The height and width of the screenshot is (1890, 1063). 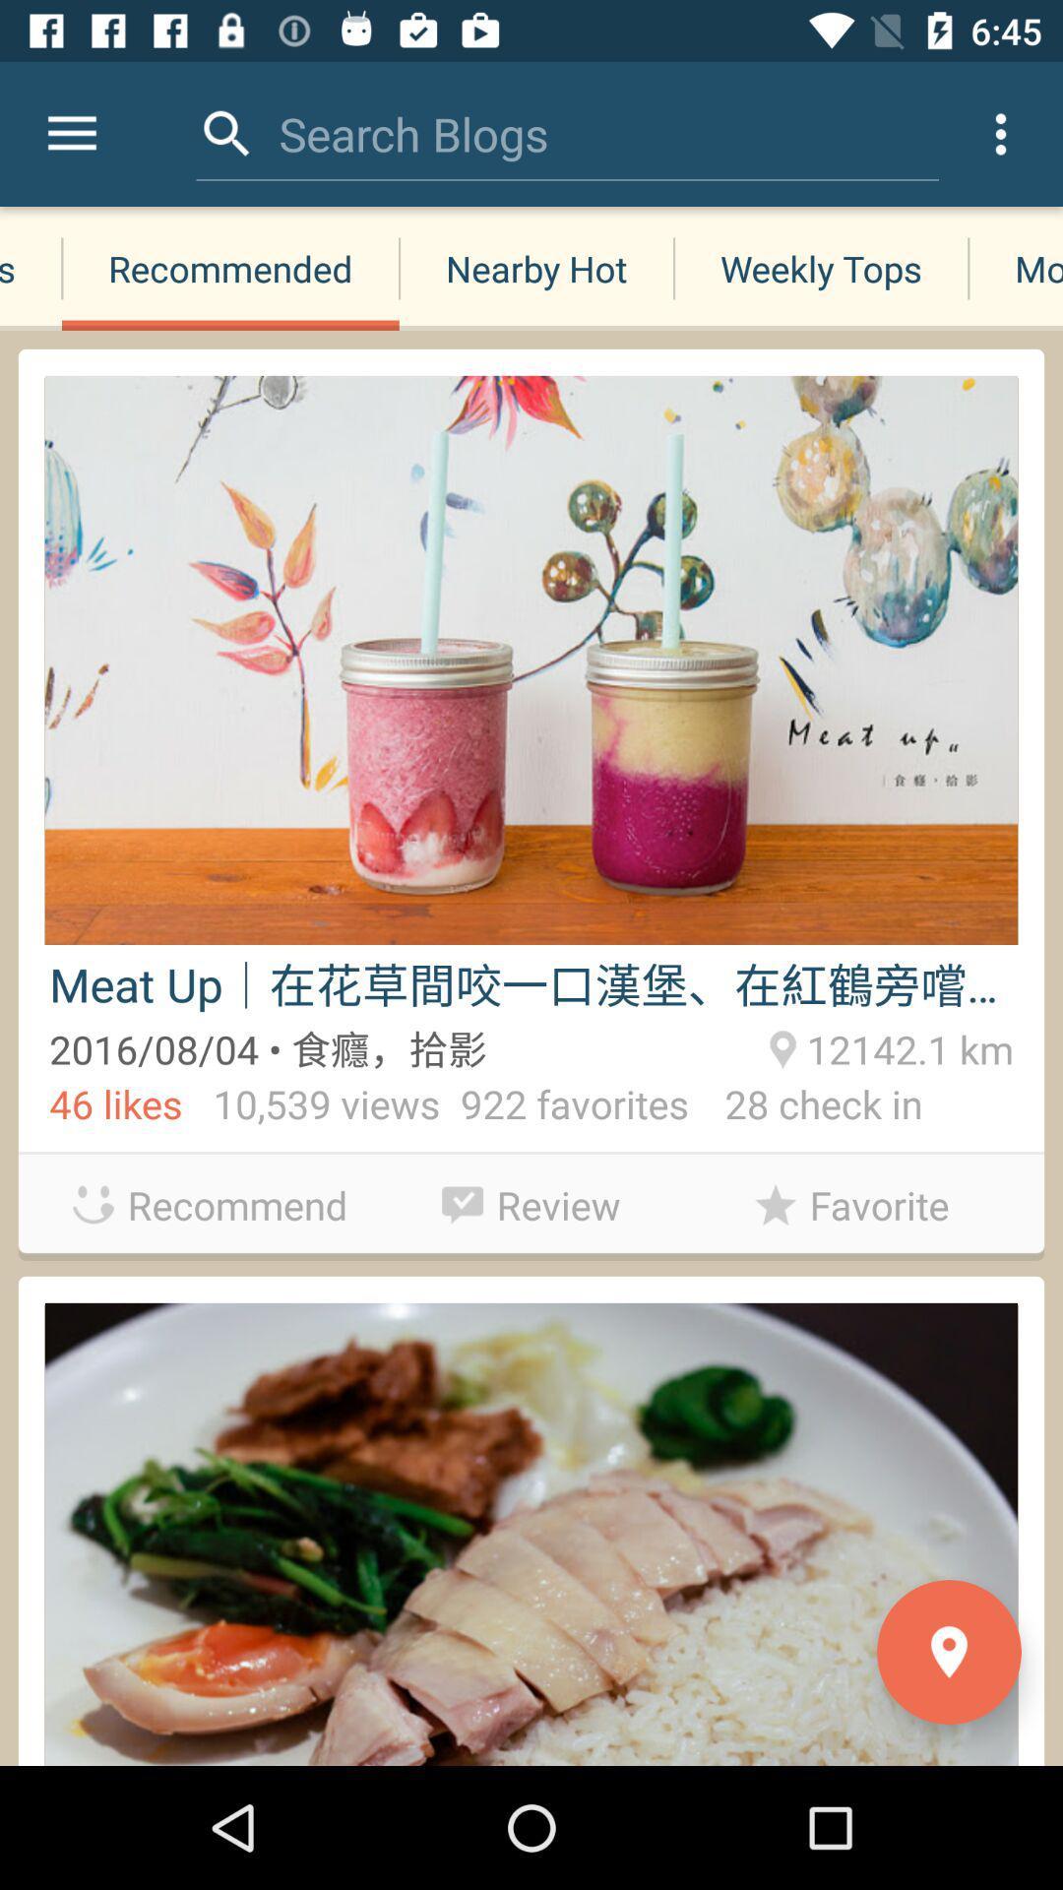 What do you see at coordinates (536, 268) in the screenshot?
I see `the item to the right of the recommended` at bounding box center [536, 268].